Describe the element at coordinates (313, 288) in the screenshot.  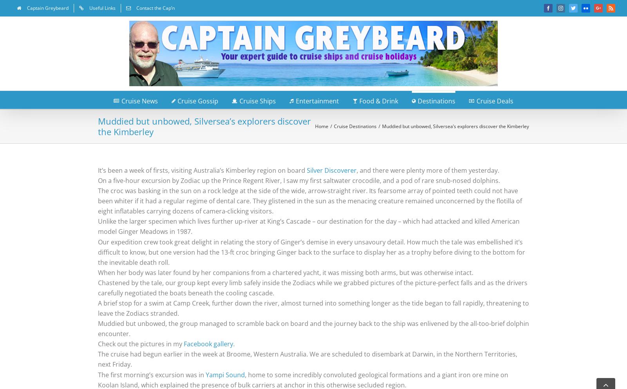
I see `'Chastened by the tale, our group kept every limb safely inside the Zodiacs while we grabbed pictures of the picture-perfect falls and as the drivers carefully negotiated the boats beneath the cooling cascade.'` at that location.